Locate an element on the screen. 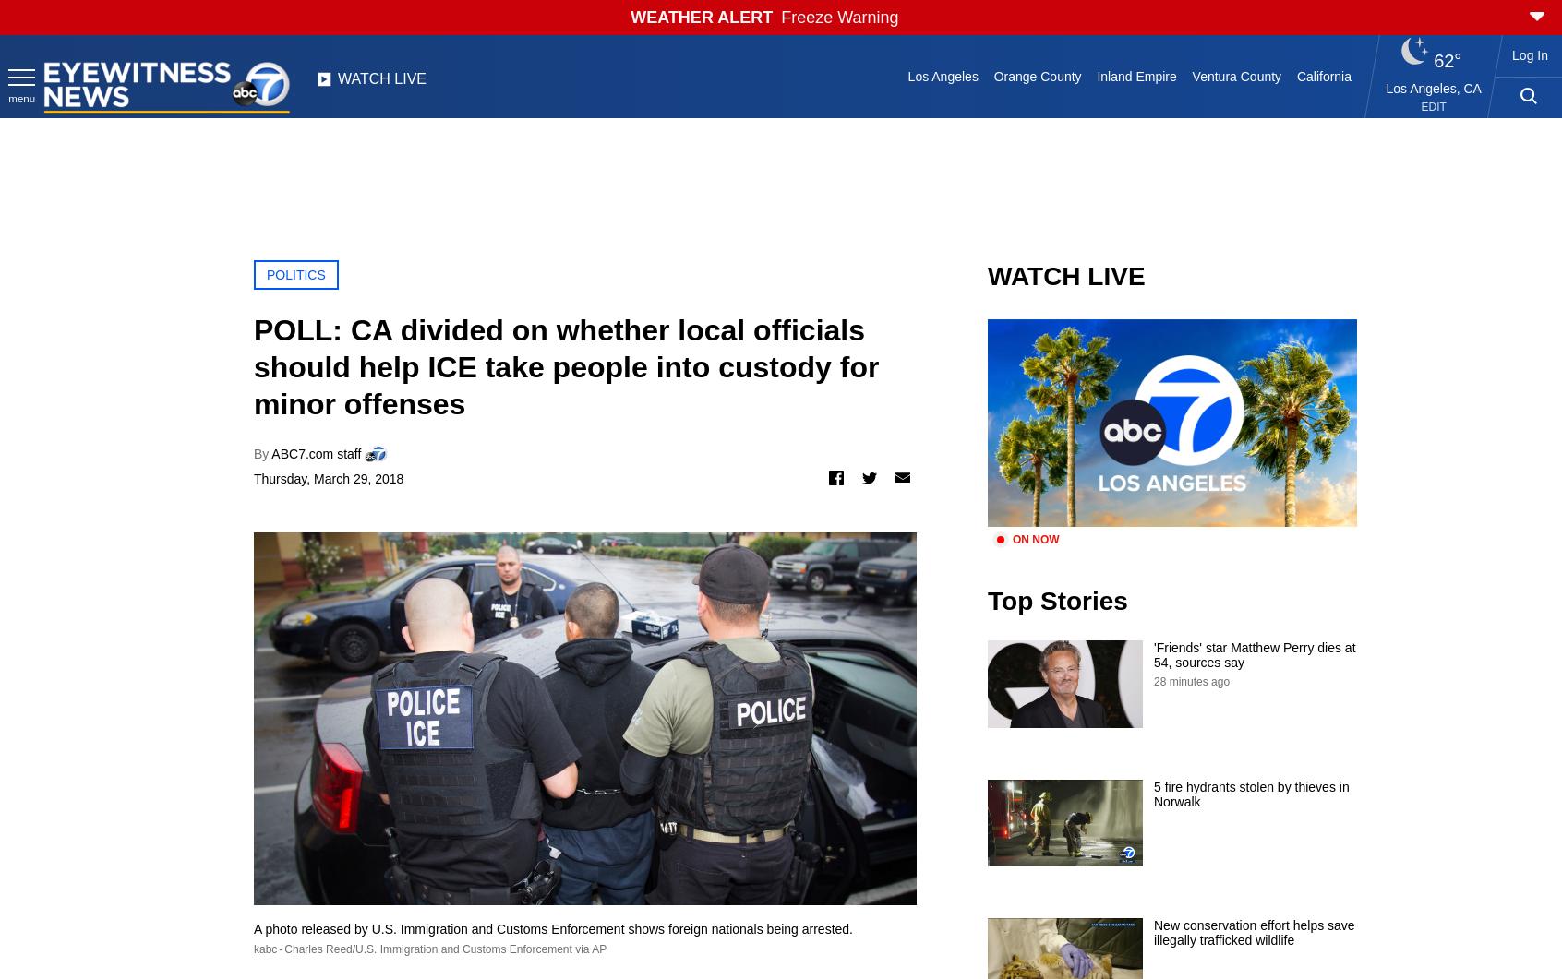 This screenshot has height=979, width=1562. 'California' is located at coordinates (1322, 76).